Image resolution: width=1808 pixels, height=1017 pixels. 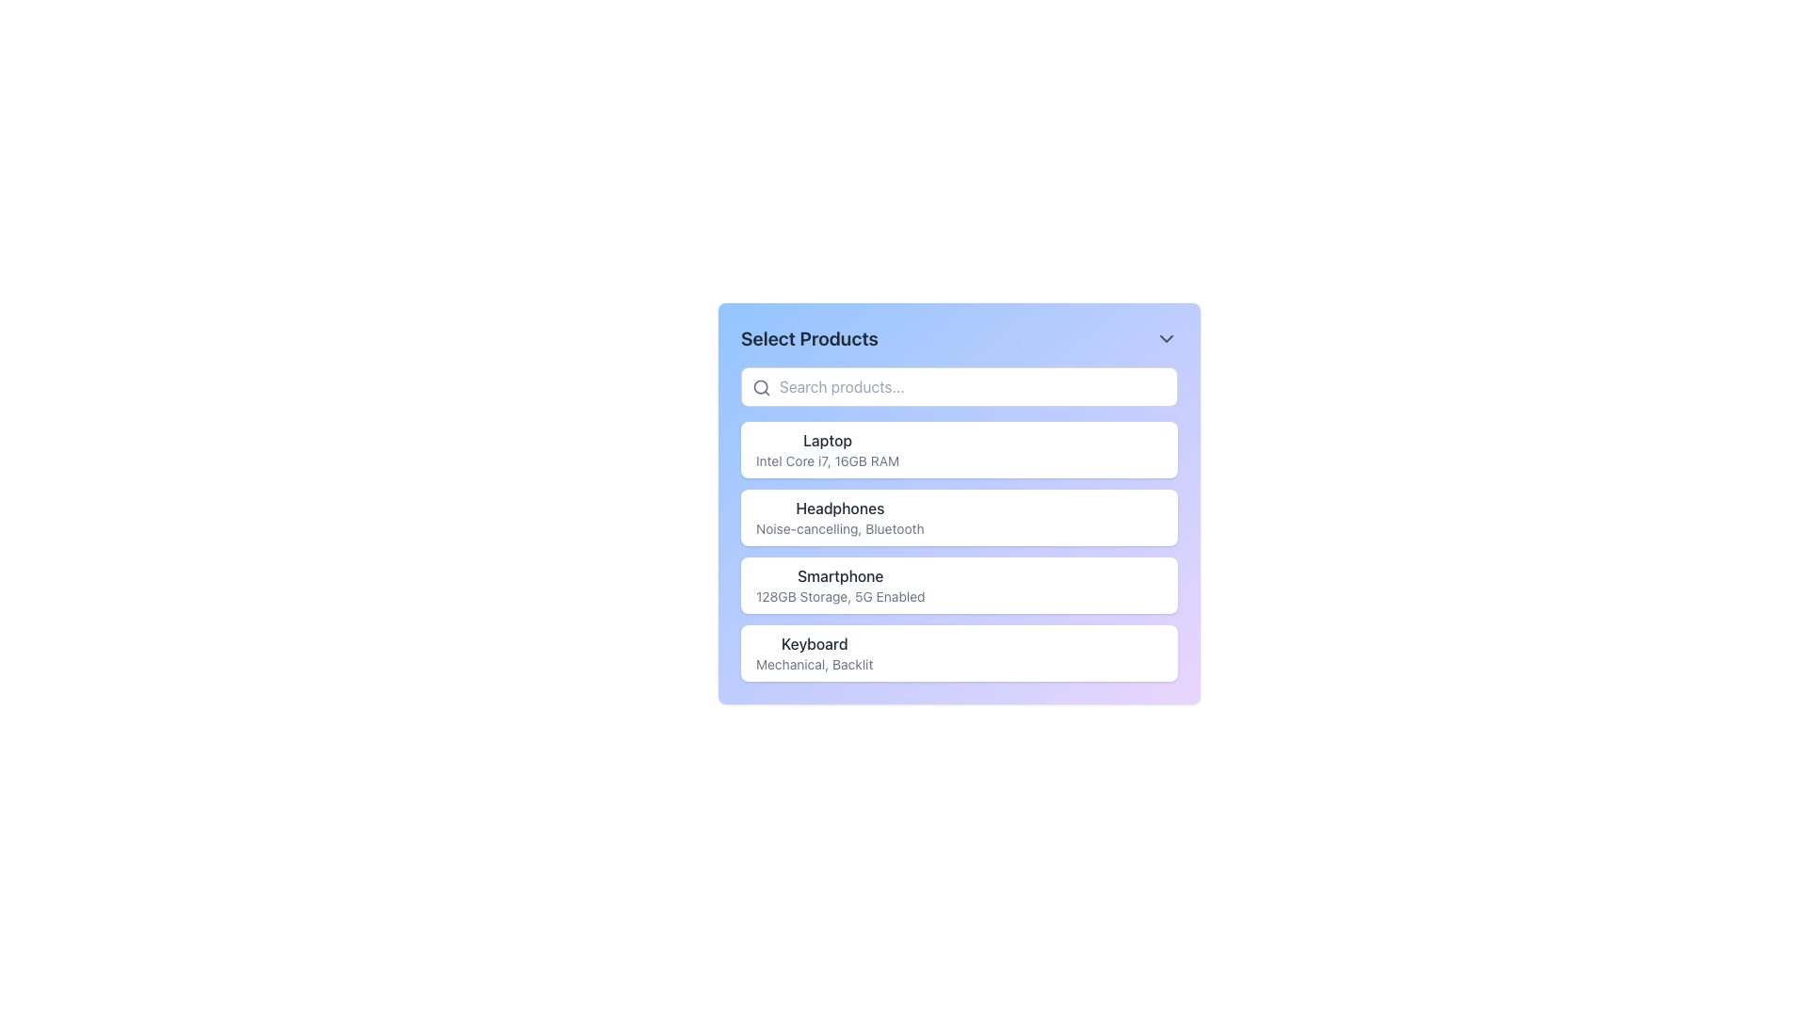 I want to click on the text element that reads 'Intel Core i7, 16GB RAM', which is styled in a small muted gray font and located beneath the 'Laptop' label, so click(x=827, y=460).